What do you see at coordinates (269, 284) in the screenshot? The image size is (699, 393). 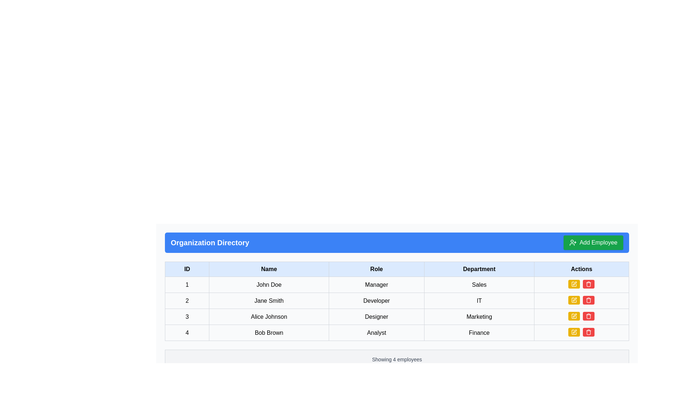 I see `the text label displaying 'John Doe' in the second column of the first row of the table` at bounding box center [269, 284].